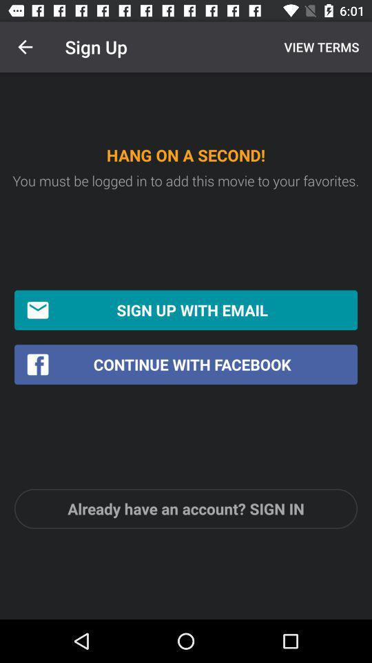 Image resolution: width=372 pixels, height=663 pixels. I want to click on item next to sign up icon, so click(320, 47).